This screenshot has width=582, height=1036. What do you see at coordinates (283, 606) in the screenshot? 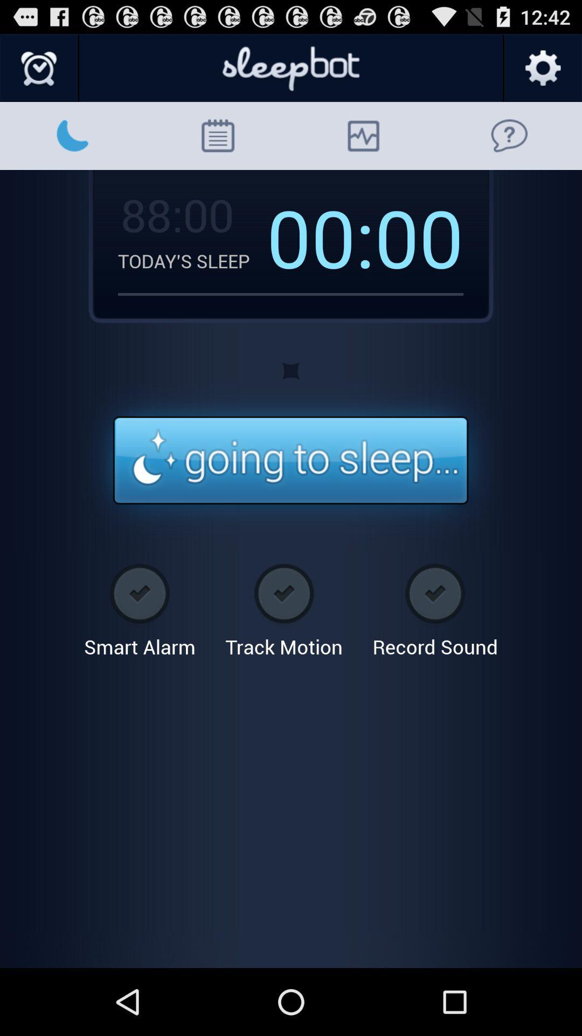
I see `track motion app` at bounding box center [283, 606].